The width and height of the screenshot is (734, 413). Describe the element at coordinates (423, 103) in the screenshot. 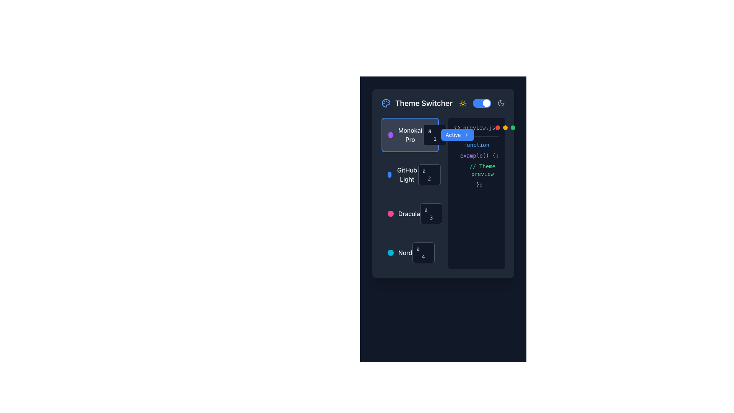

I see `static label describing the theme customization section in the settings panel, positioned between a decorative palette icon and theme-related toggles` at that location.